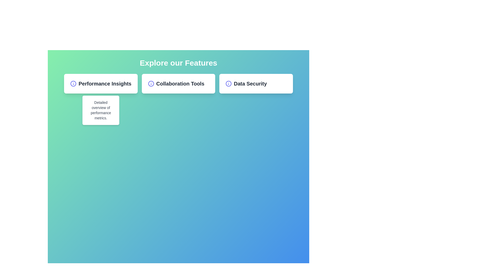  I want to click on the information icon located in the rightmost section of the 'Data Security' card under 'Explore our Features', so click(228, 83).